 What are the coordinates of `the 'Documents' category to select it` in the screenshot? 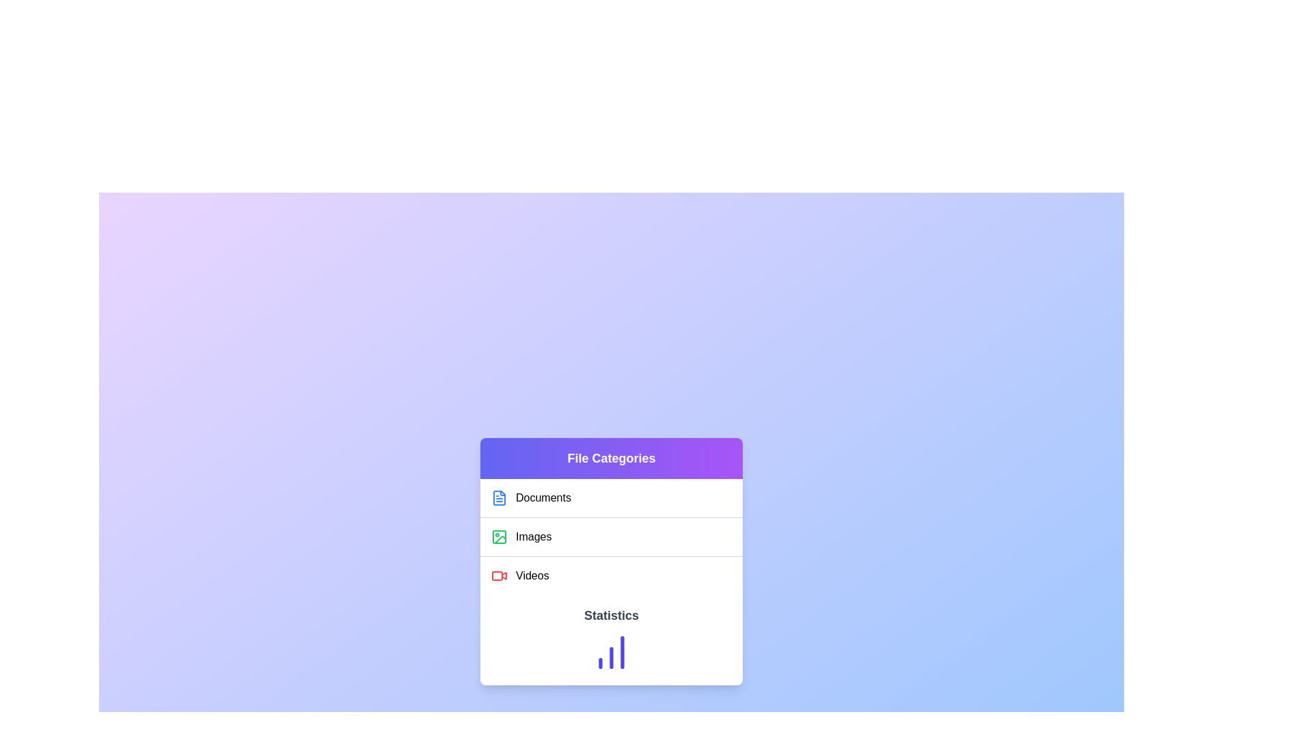 It's located at (610, 498).